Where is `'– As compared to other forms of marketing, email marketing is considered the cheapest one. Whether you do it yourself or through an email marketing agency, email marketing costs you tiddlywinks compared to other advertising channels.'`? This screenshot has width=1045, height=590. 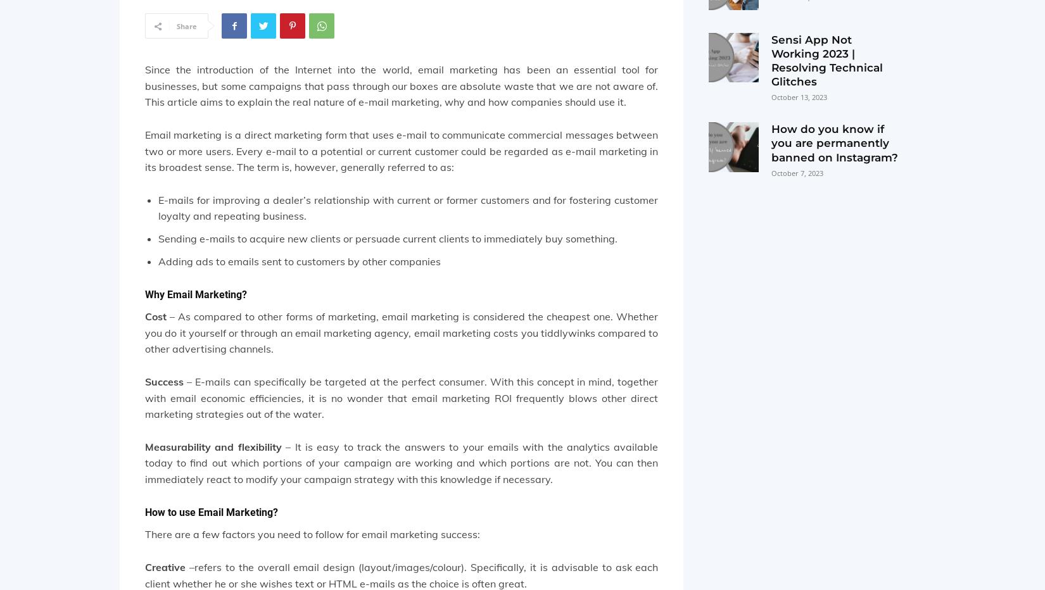 '– As compared to other forms of marketing, email marketing is considered the cheapest one. Whether you do it yourself or through an email marketing agency, email marketing costs you tiddlywinks compared to other advertising channels.' is located at coordinates (400, 332).